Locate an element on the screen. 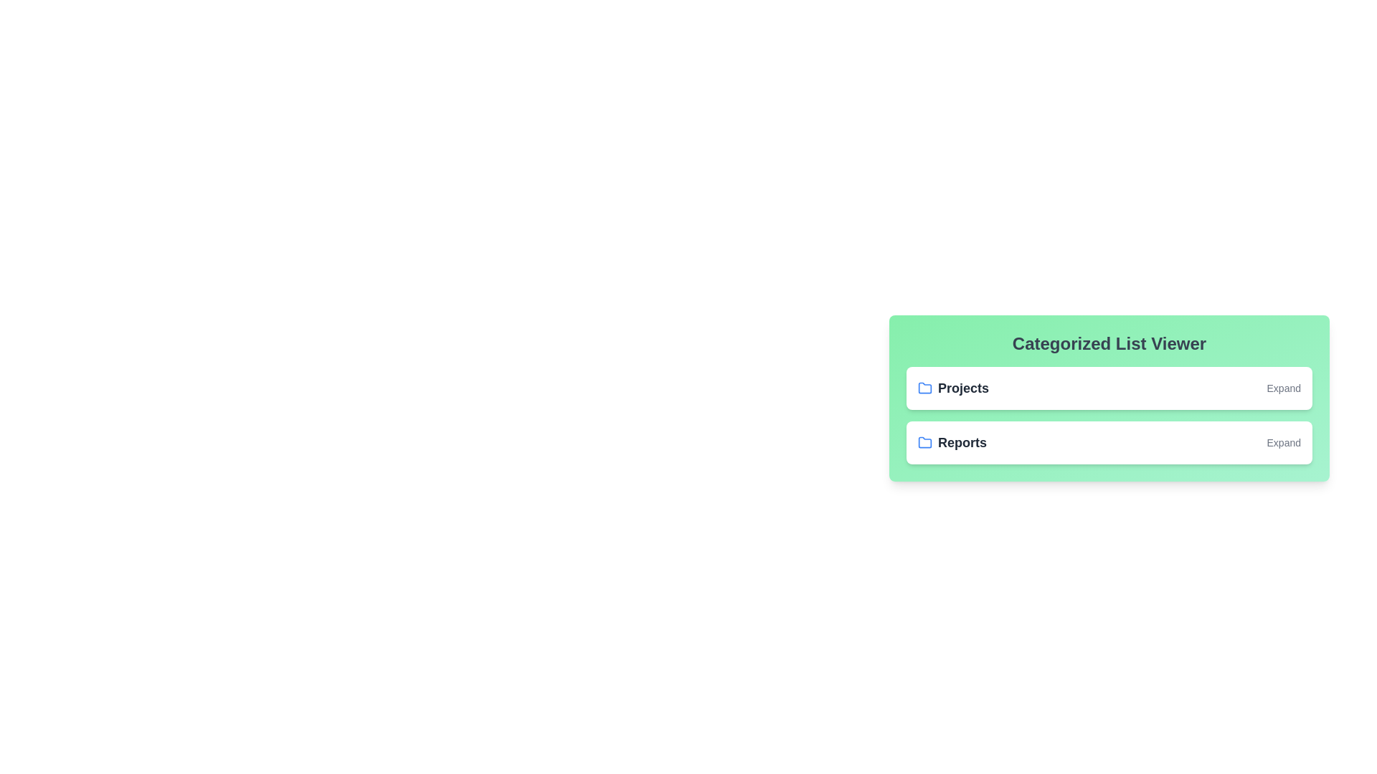 The width and height of the screenshot is (1377, 774). the category name Projects to toggle its expansion is located at coordinates (963, 388).